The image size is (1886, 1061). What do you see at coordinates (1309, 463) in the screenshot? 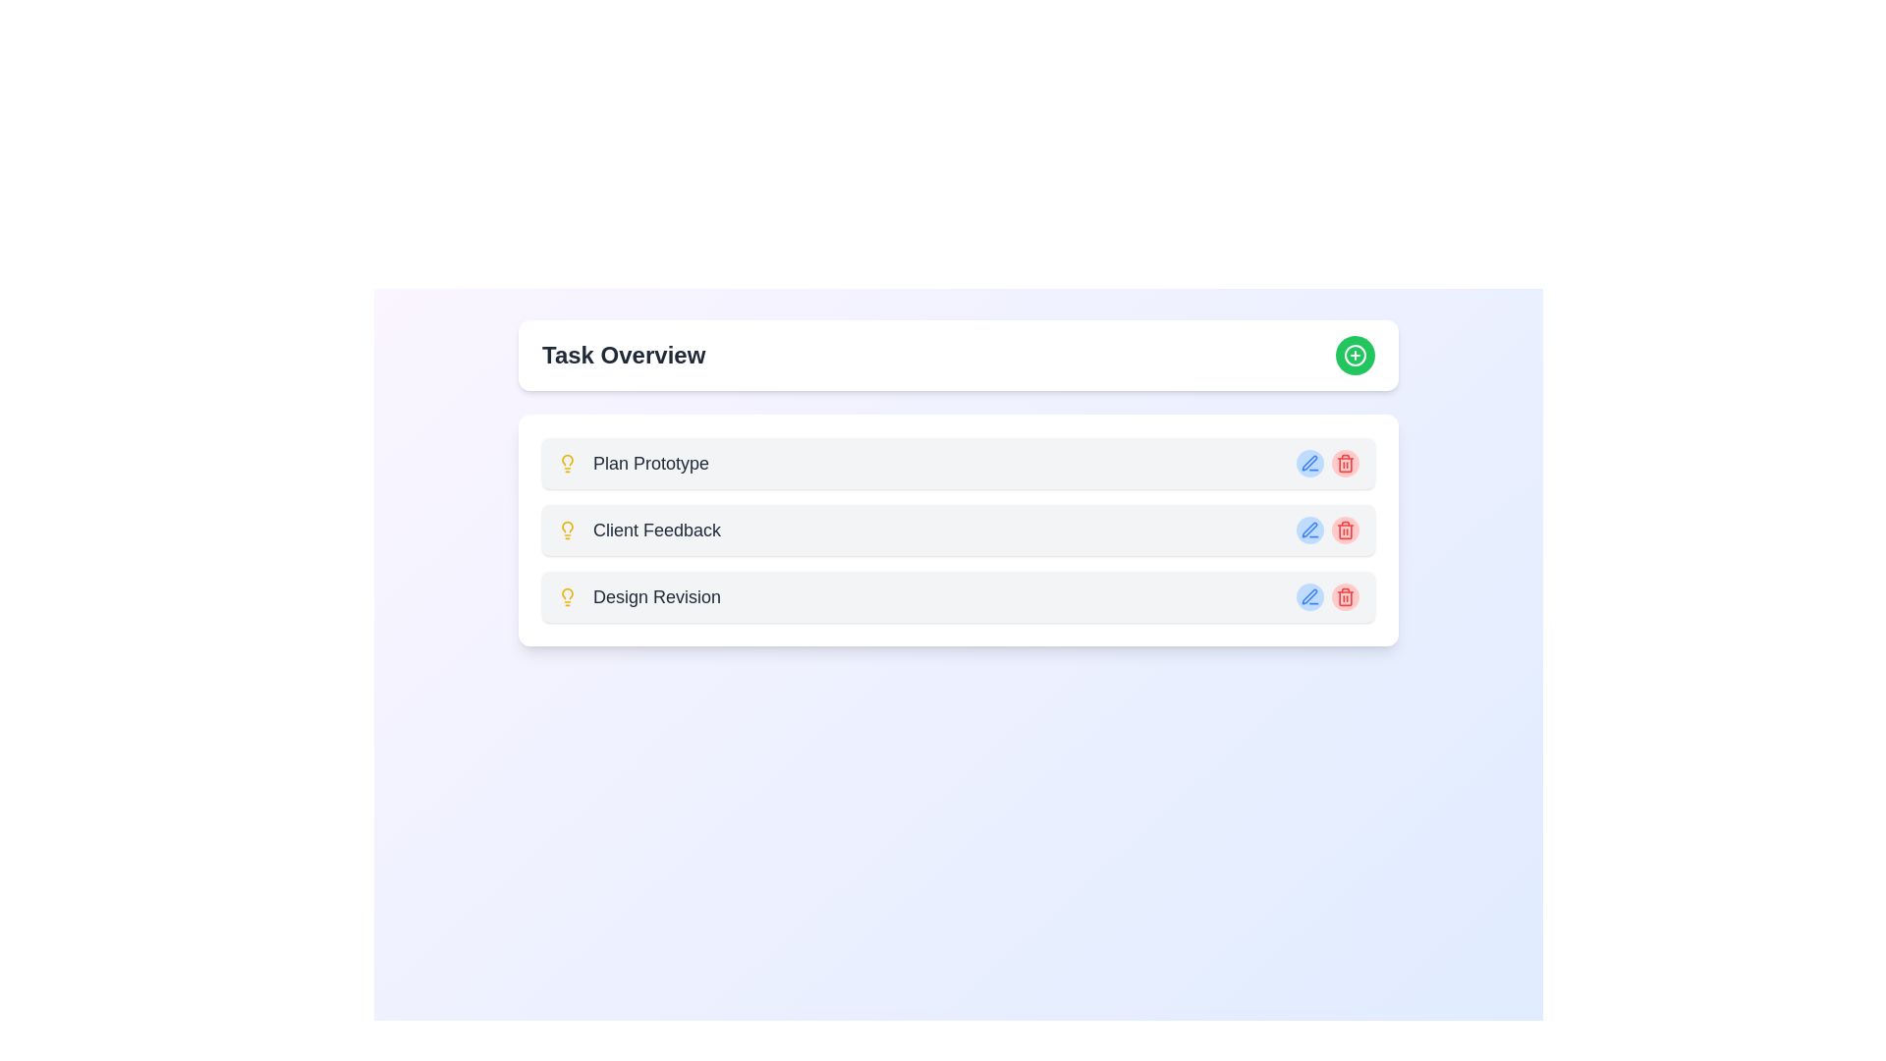
I see `the edit pen icon located to the immediate left of the red trash icon in the 'Client Feedback' task row to initiate edit mode` at bounding box center [1309, 463].